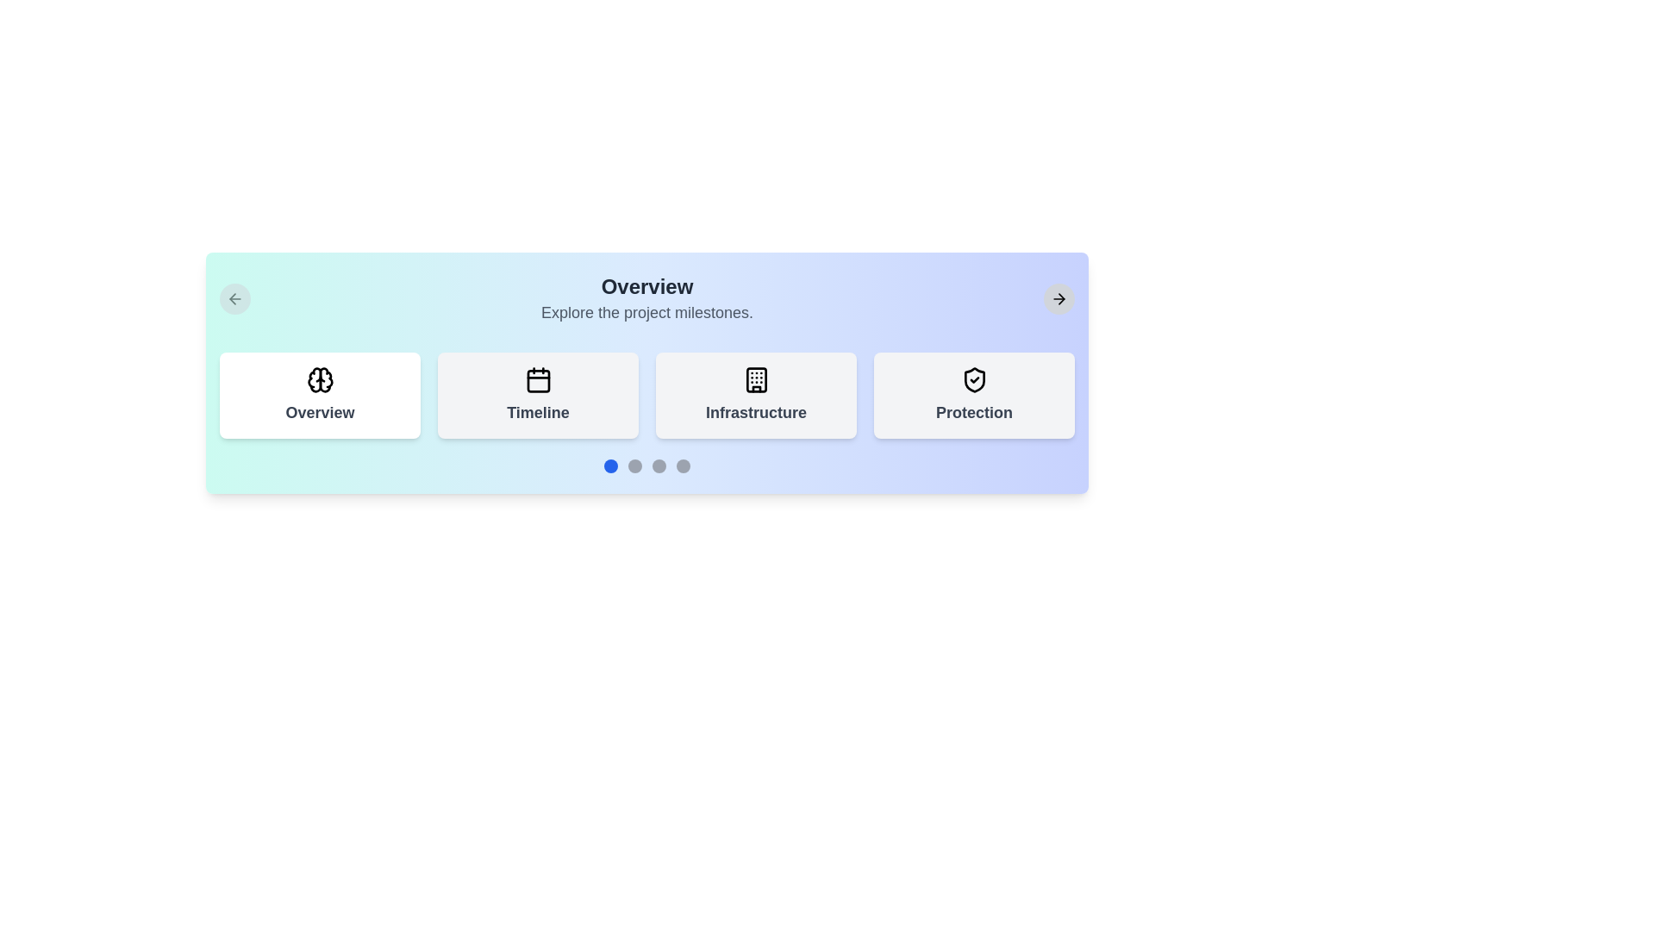 The image size is (1655, 931). I want to click on the 'Protection' card, which features a shield icon with a check mark and is the fourth card in a row of four cards including 'Overview', 'Timeline', and 'Infrastructure', so click(974, 396).